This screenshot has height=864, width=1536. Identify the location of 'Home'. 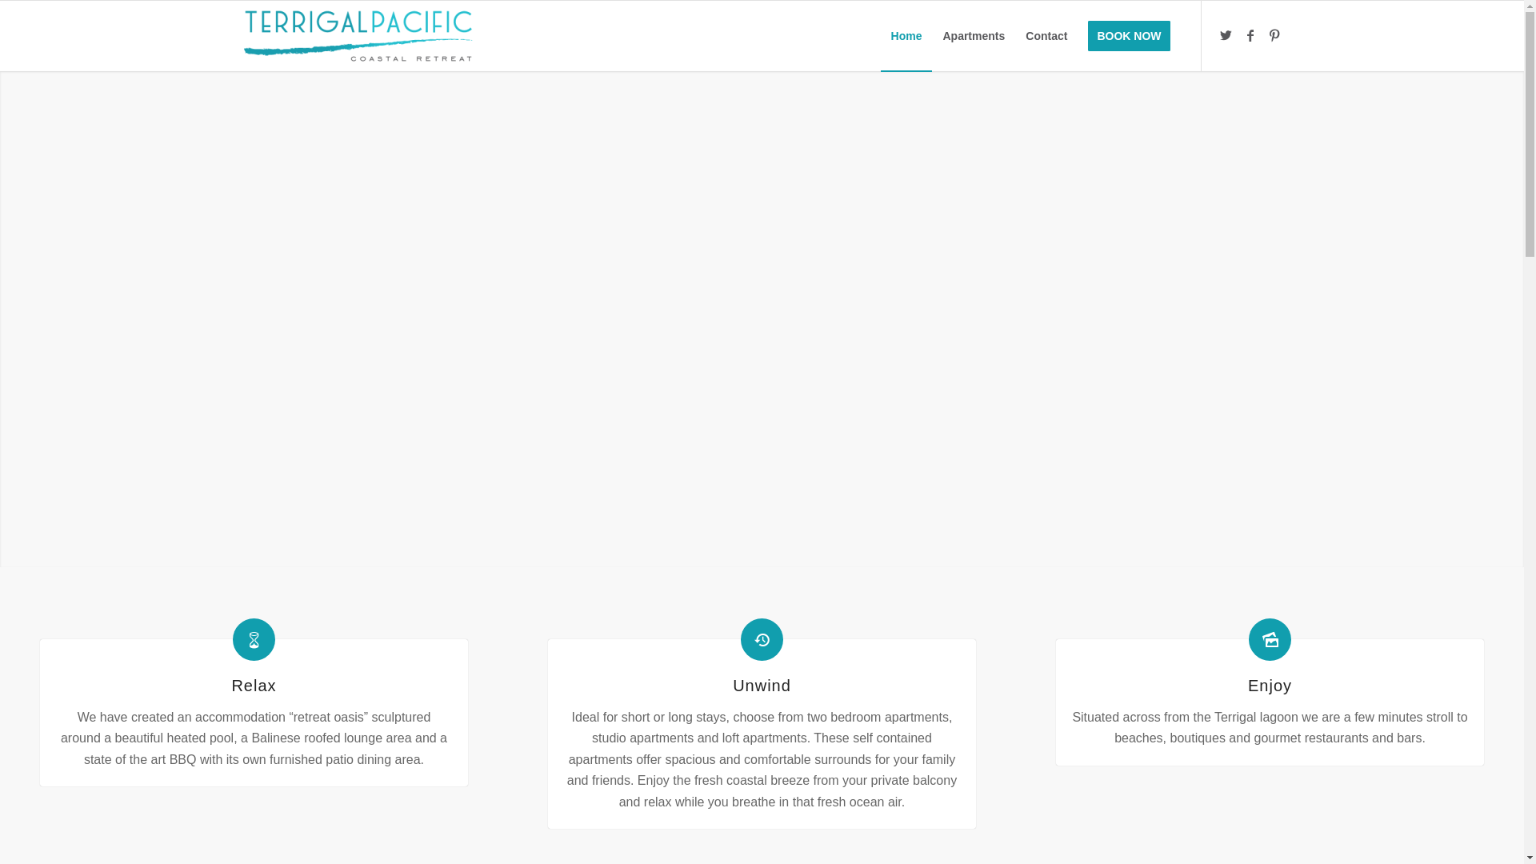
(906, 36).